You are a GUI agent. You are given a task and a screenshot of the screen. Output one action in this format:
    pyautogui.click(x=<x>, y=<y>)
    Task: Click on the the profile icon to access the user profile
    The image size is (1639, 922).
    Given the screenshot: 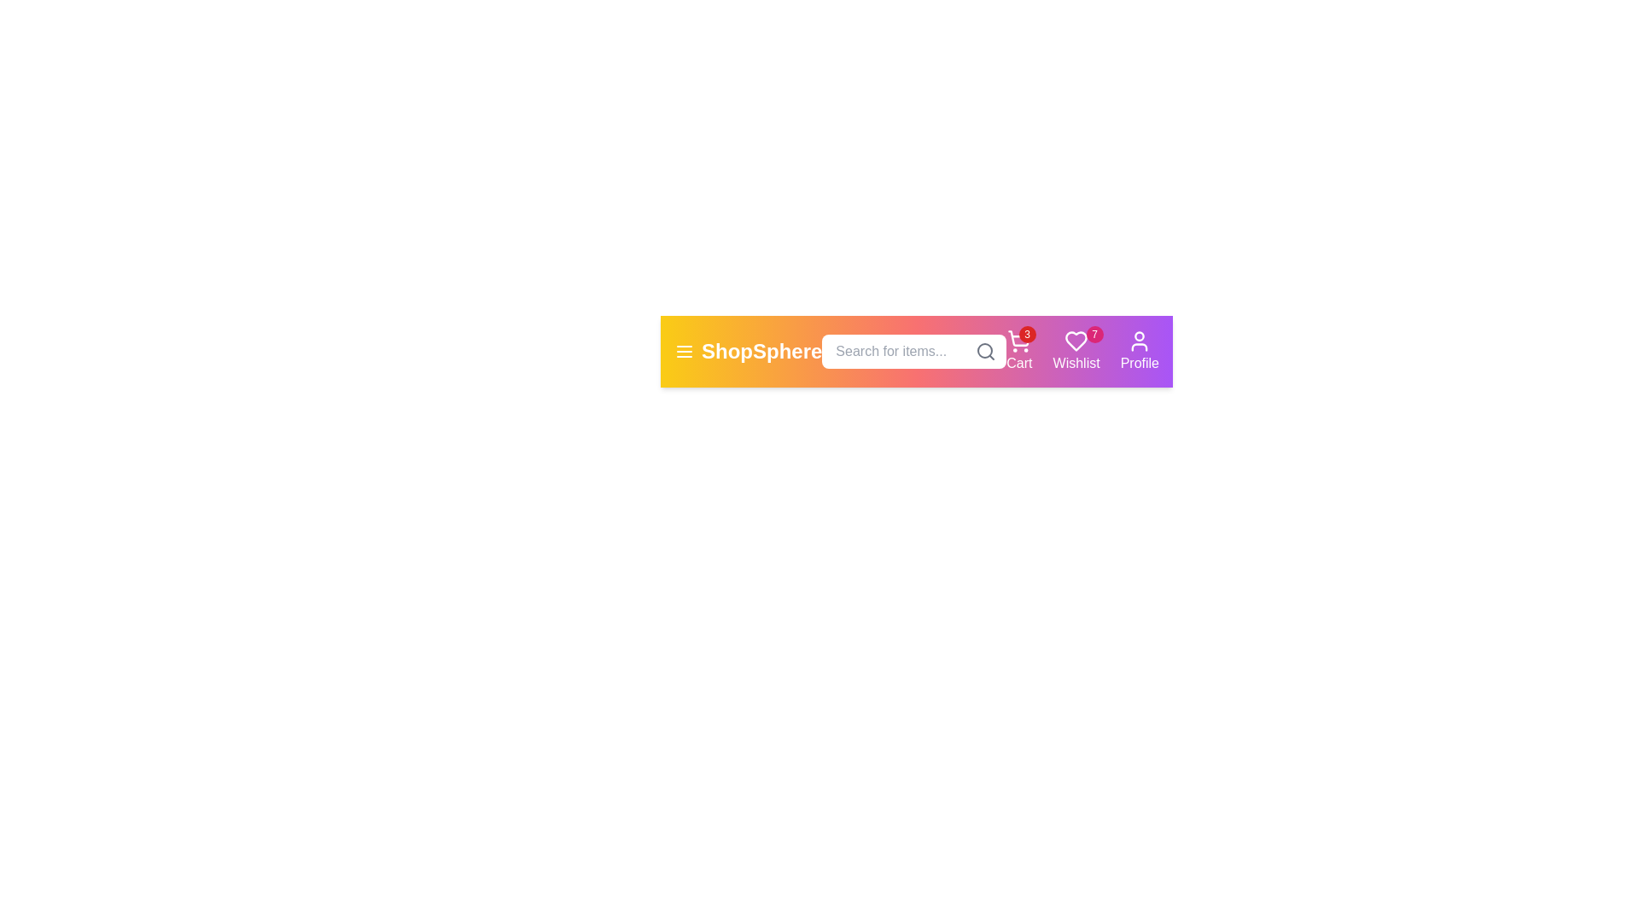 What is the action you would take?
    pyautogui.click(x=1139, y=351)
    